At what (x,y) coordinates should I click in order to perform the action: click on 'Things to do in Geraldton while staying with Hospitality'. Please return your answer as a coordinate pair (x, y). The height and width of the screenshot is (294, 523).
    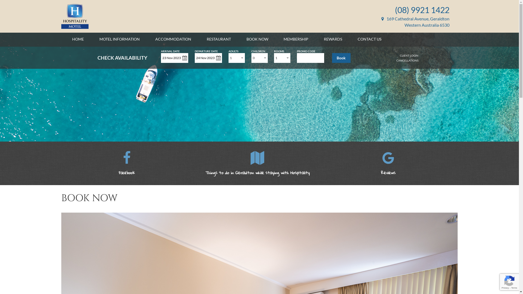
    Looking at the image, I should click on (257, 167).